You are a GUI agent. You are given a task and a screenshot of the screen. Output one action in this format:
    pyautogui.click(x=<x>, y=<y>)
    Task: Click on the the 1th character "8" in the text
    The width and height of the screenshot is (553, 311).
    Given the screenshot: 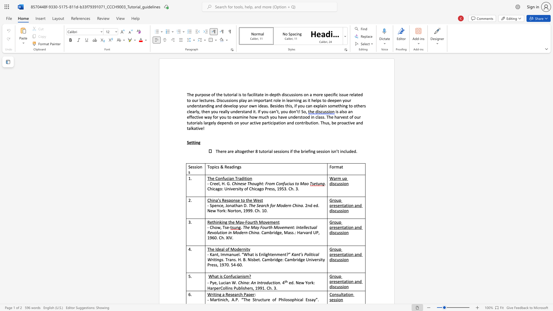 What is the action you would take?
    pyautogui.click(x=256, y=151)
    